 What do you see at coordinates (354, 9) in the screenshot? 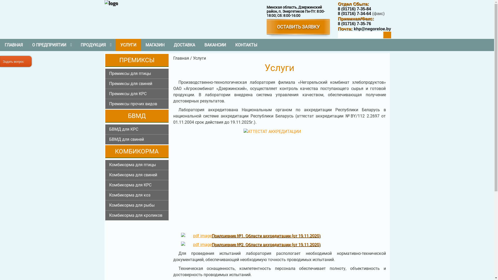
I see `'8 (01716) 7-35-84'` at bounding box center [354, 9].